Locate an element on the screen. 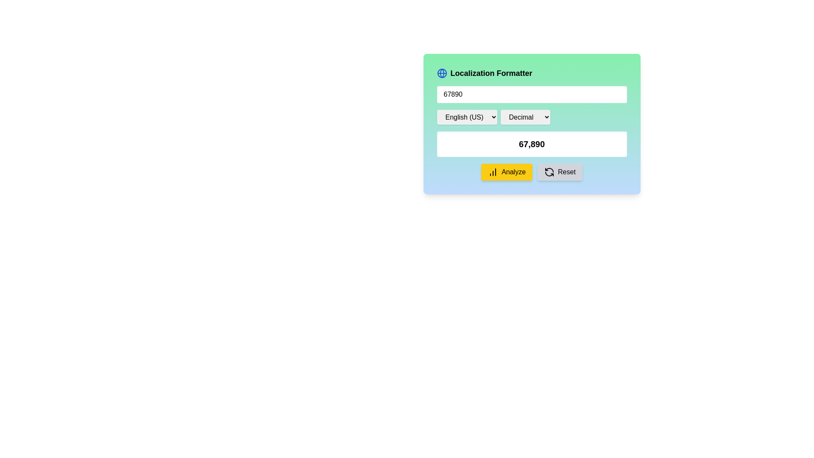 Image resolution: width=814 pixels, height=458 pixels. the dropdown menu located to the right of the 'English (US)' dropdown is located at coordinates (531, 124).